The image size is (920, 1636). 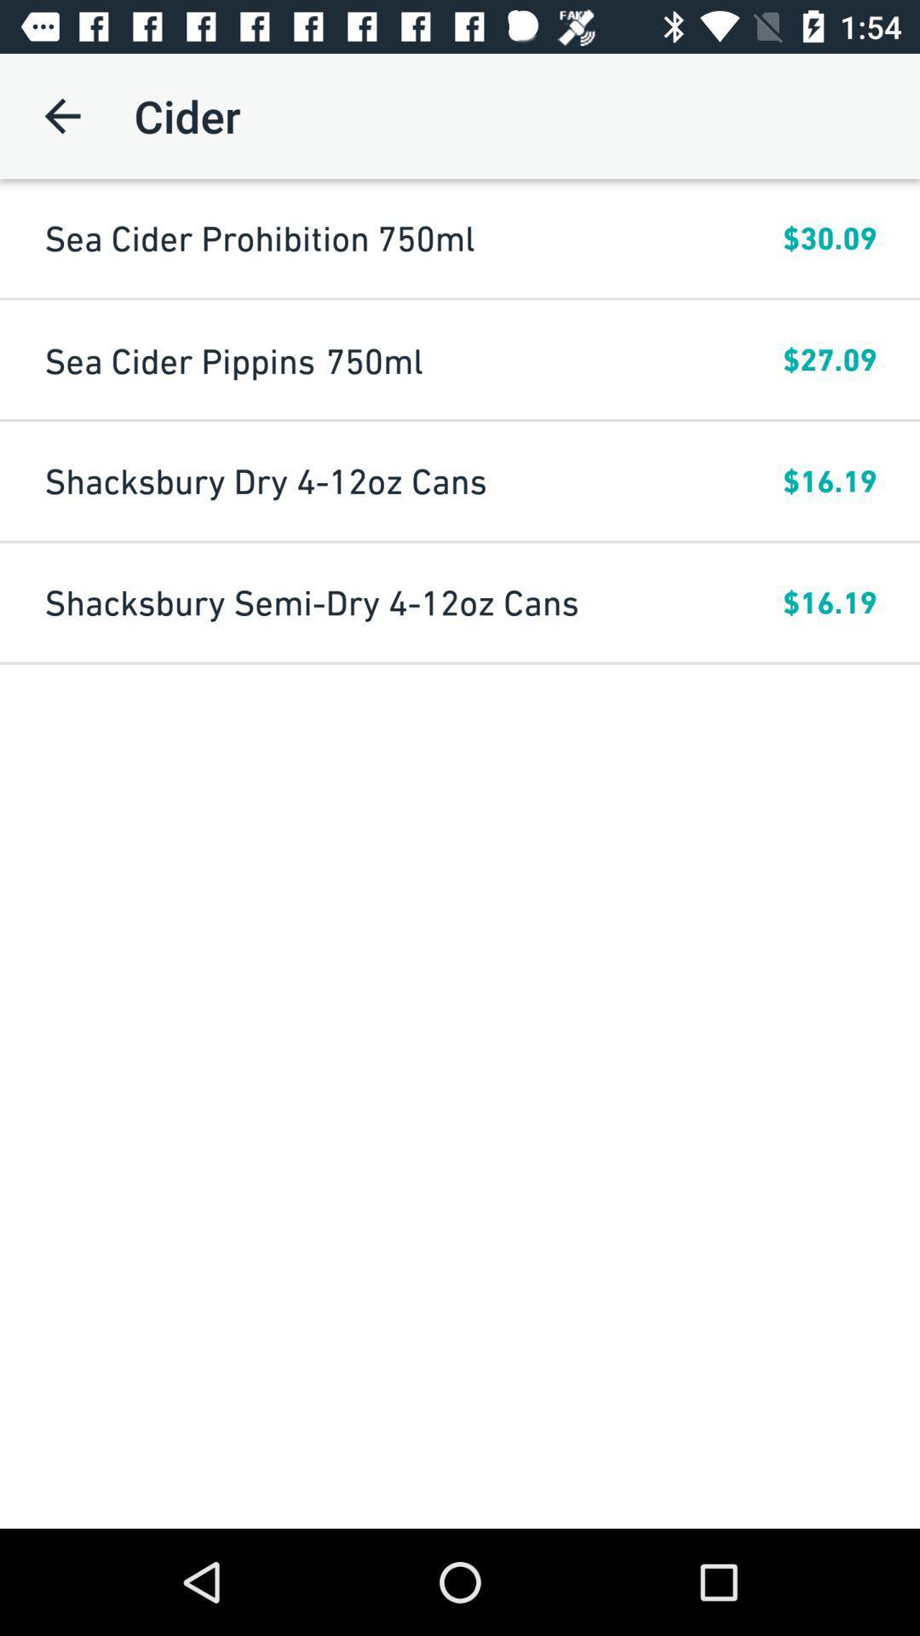 What do you see at coordinates (61, 115) in the screenshot?
I see `the app to the left of cider item` at bounding box center [61, 115].